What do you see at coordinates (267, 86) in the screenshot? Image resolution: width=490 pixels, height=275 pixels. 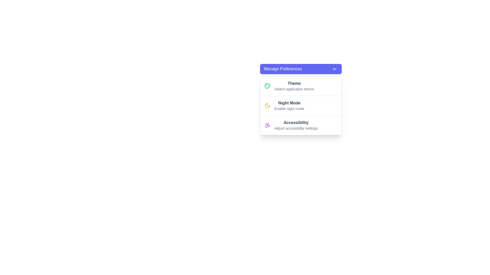 I see `the green palette icon styled as an outline drawing, located to the left of the text 'Theme Switch application theme' in the first menu option under 'Manage Preferences'` at bounding box center [267, 86].